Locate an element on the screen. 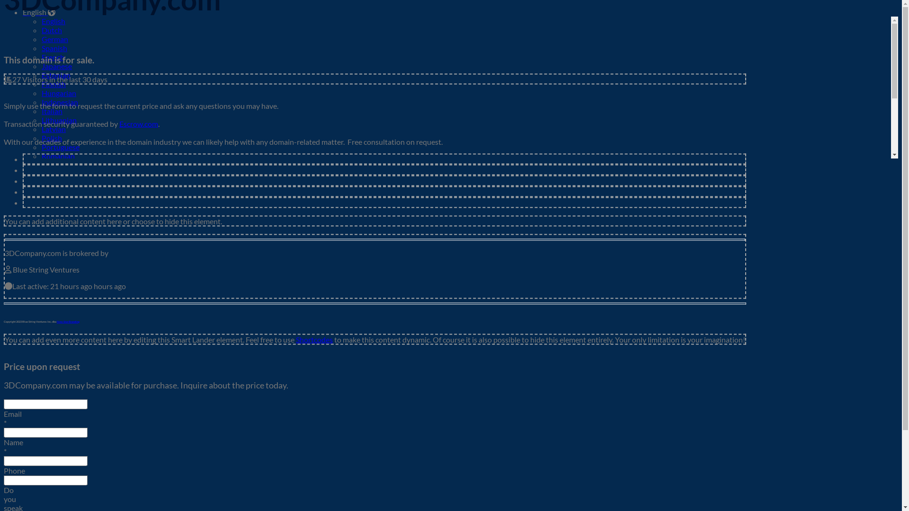  'English' is located at coordinates (23, 12).